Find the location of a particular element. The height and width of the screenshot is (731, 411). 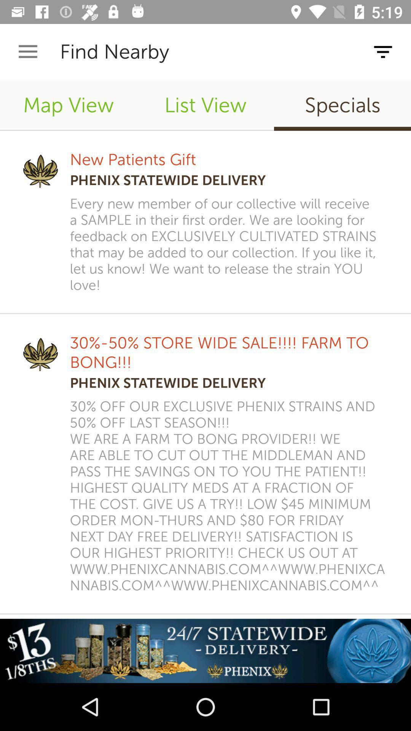

the icon next to list view is located at coordinates (342, 105).